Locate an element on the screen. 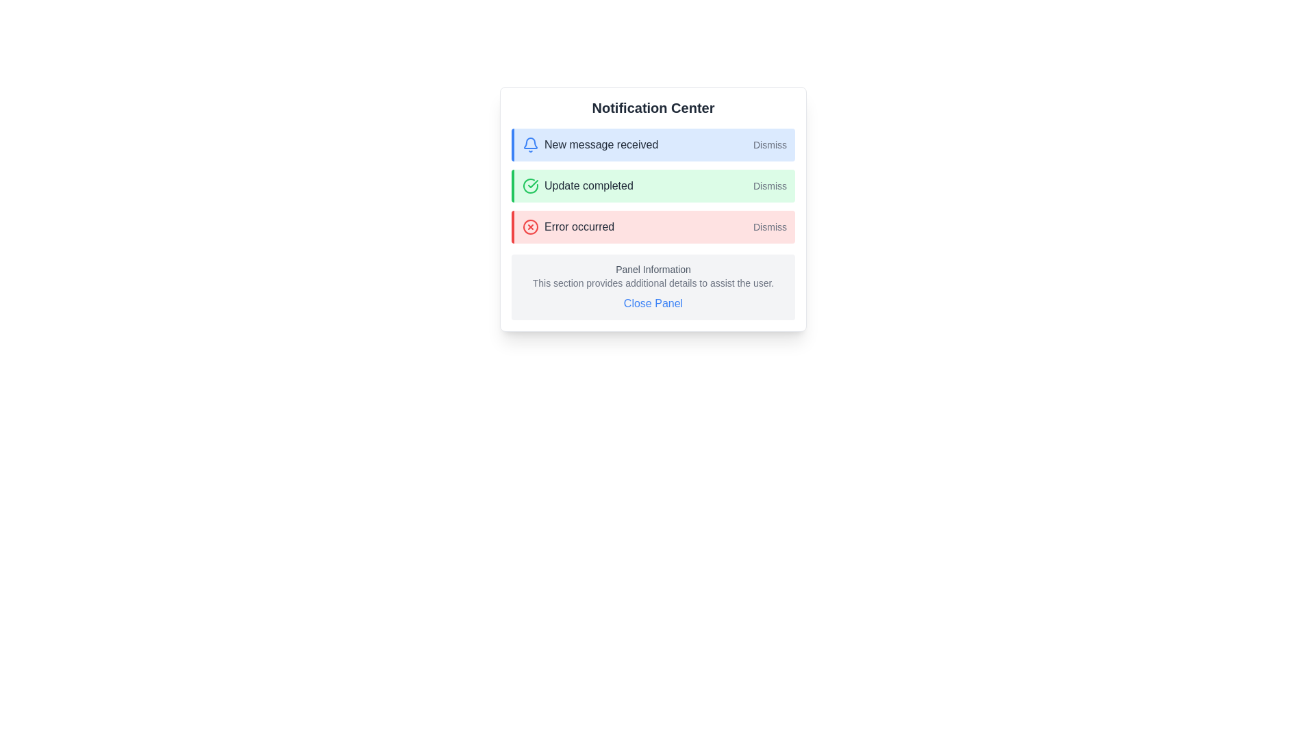  the Text Label that reads 'This section provides additional details to assist the user.' within the 'Panel Information' section to possibly reveal tooltips or additional actions is located at coordinates (653, 282).